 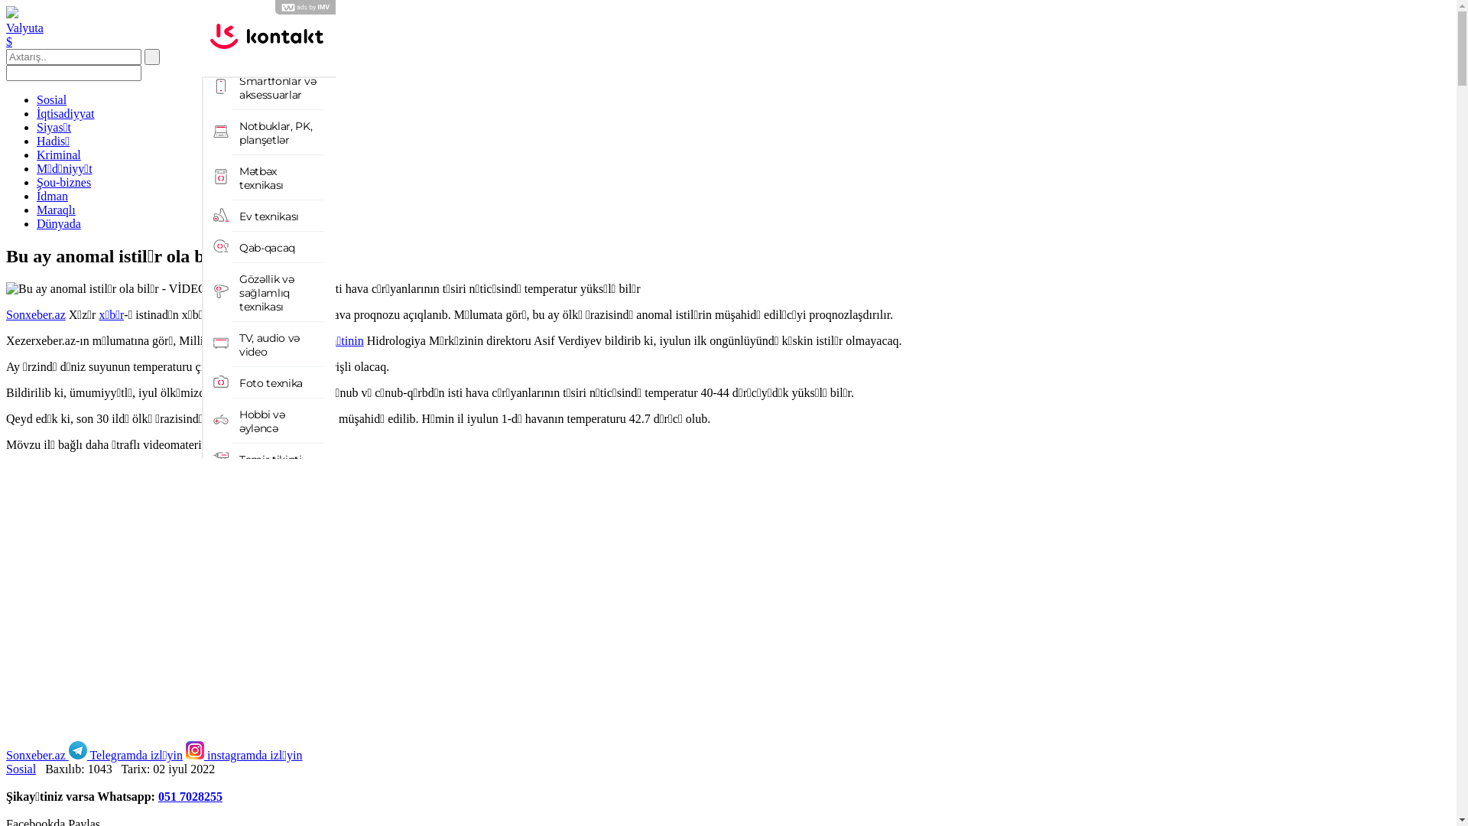 I want to click on '051 7028255', so click(x=190, y=795).